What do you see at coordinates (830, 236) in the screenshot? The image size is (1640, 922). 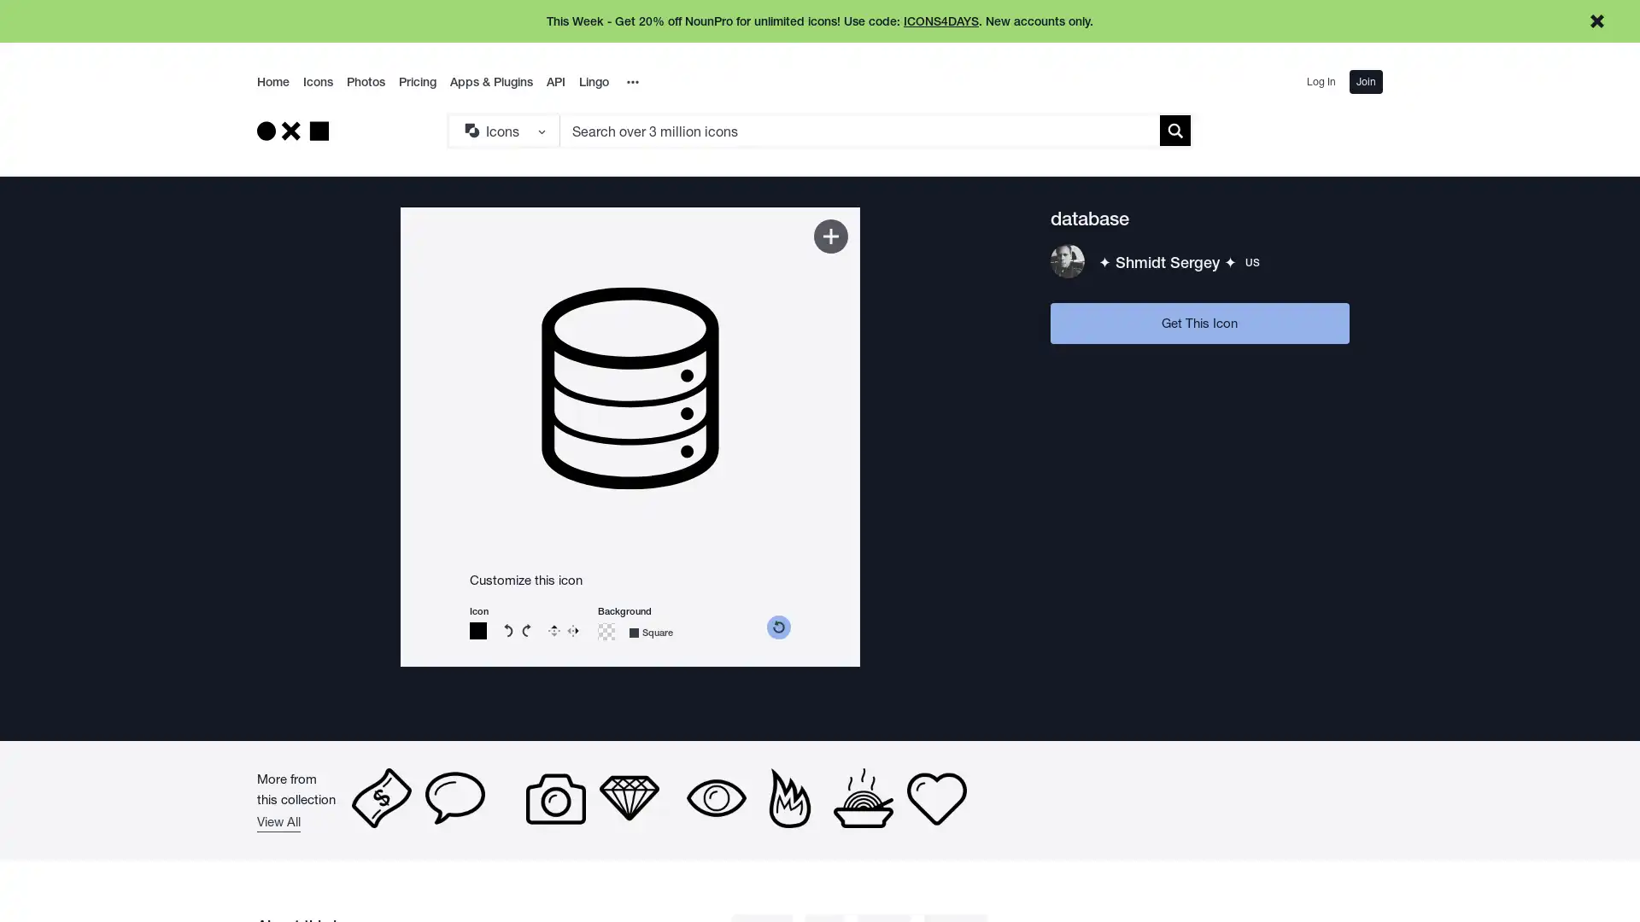 I see `Add to Kit` at bounding box center [830, 236].